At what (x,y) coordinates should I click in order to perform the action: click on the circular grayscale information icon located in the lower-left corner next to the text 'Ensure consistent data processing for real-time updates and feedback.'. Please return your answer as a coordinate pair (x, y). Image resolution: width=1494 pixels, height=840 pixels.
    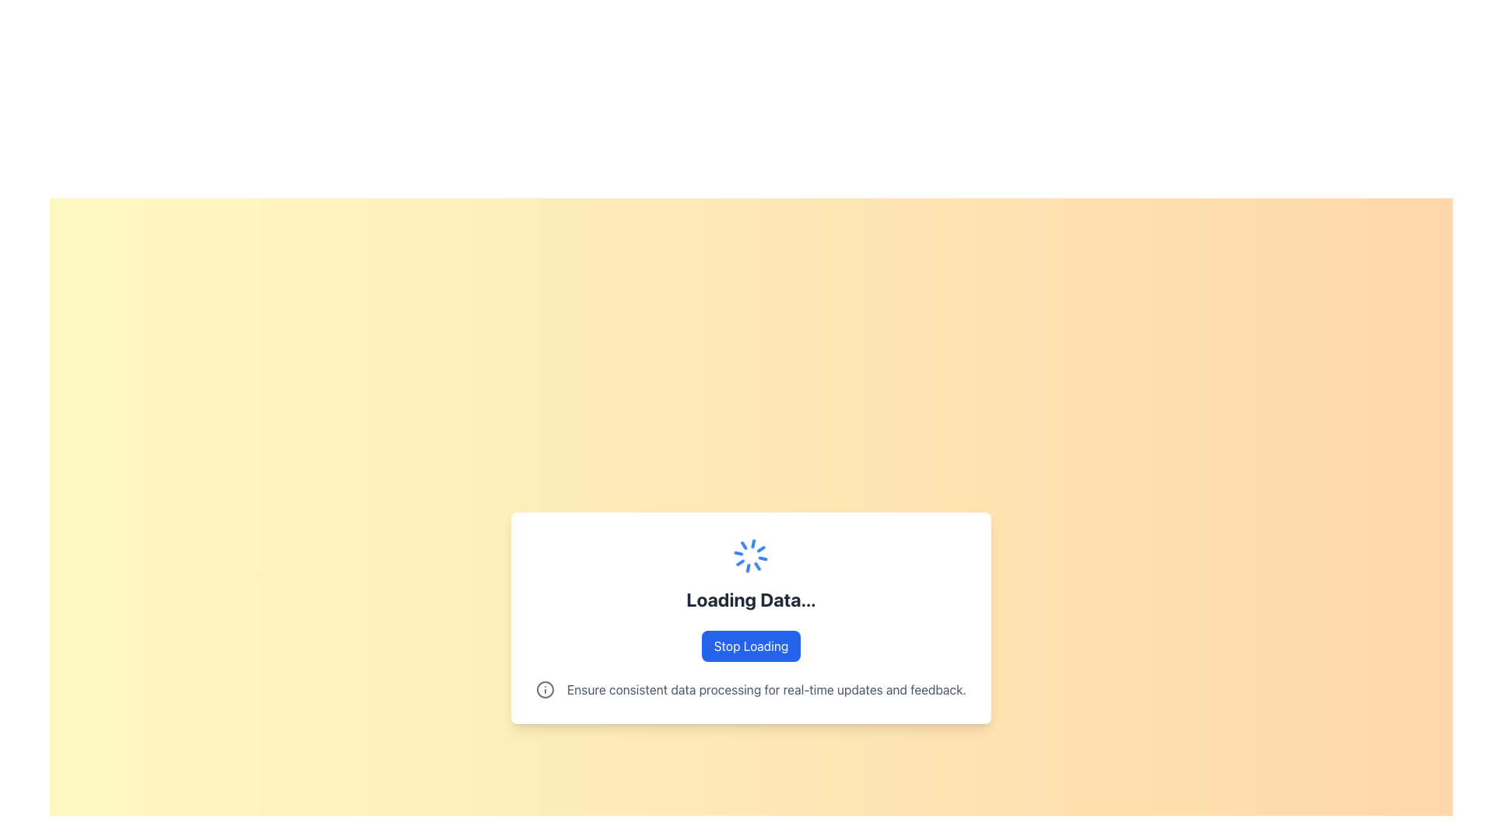
    Looking at the image, I should click on (545, 689).